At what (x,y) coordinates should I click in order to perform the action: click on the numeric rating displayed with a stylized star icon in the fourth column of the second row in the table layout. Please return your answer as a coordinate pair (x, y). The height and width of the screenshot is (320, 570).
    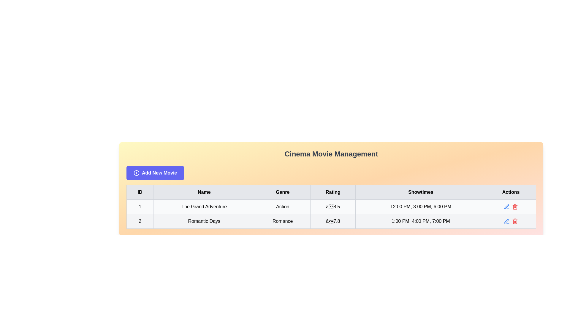
    Looking at the image, I should click on (333, 221).